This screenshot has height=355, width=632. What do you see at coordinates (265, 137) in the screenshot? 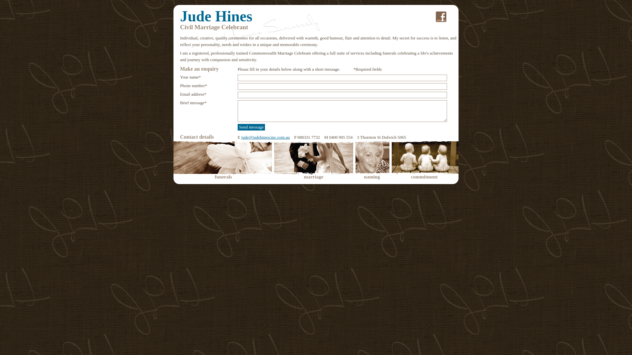
I see `'jude@judehinescmc.com.au'` at bounding box center [265, 137].